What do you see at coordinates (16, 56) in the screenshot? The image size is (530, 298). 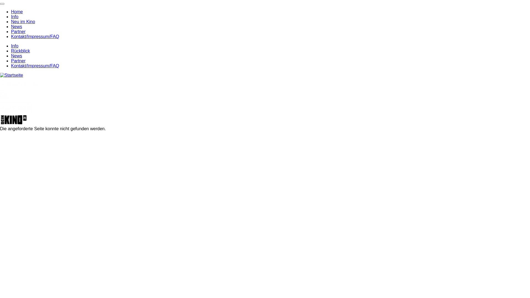 I see `'News'` at bounding box center [16, 56].